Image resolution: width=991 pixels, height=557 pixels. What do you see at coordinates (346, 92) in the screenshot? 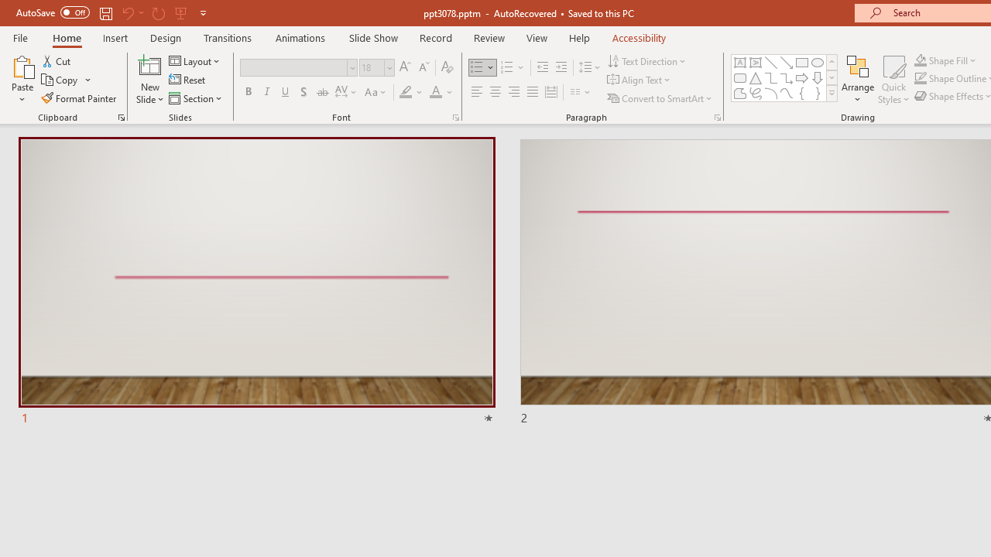
I see `'Character Spacing'` at bounding box center [346, 92].